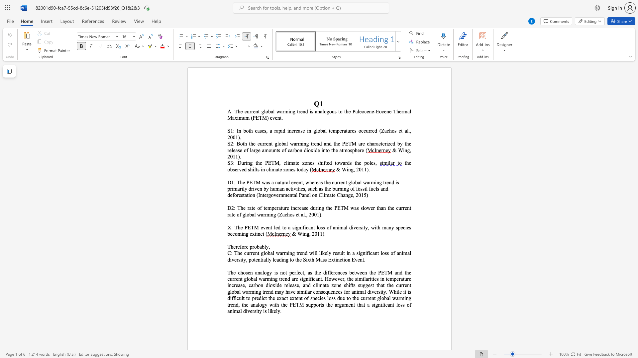 Image resolution: width=638 pixels, height=358 pixels. I want to click on the subset text "d a" within the text "The chosen analogy is not perfect, as the differences between the PETM and the current global warming trend are", so click(287, 279).